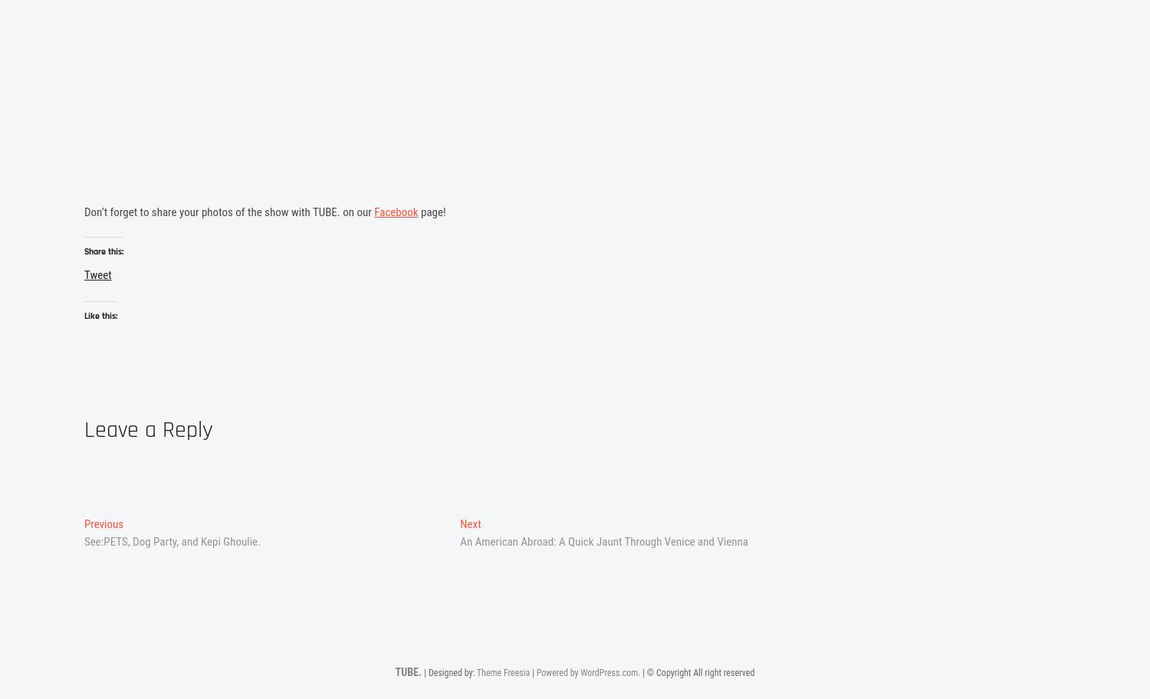 This screenshot has width=1150, height=699. Describe the element at coordinates (228, 212) in the screenshot. I see `'Don’t forget to share your photos of the show with TUBE. on our'` at that location.